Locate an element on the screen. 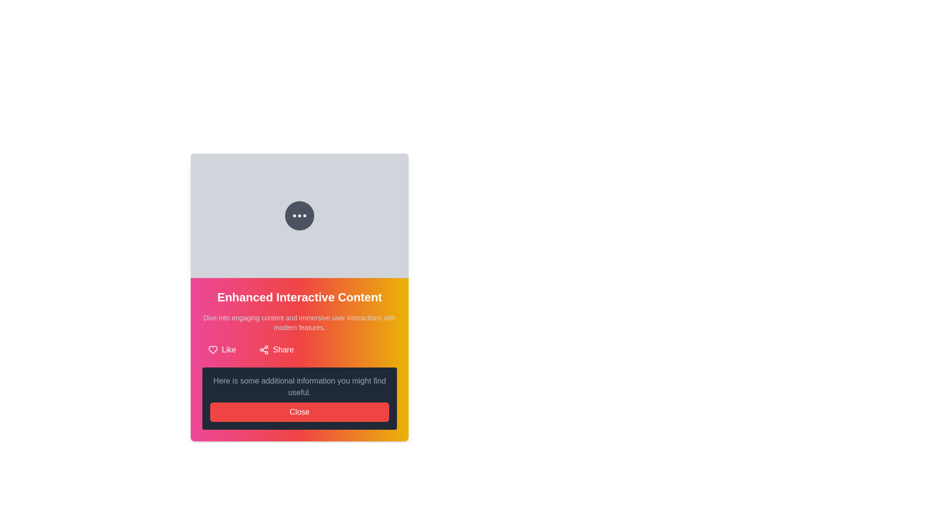  the supportive text element located below the title 'Enhanced Interactive Content' and above the 'Like' and 'Share' buttons within the card is located at coordinates (299, 322).